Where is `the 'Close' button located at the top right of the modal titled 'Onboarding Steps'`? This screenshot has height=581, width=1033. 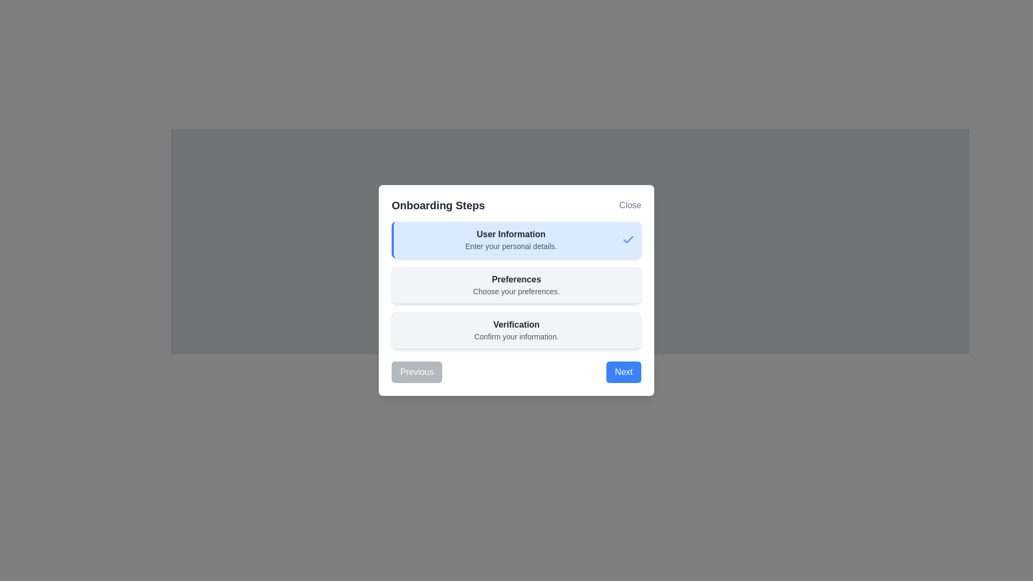
the 'Close' button located at the top right of the modal titled 'Onboarding Steps' is located at coordinates (516, 290).